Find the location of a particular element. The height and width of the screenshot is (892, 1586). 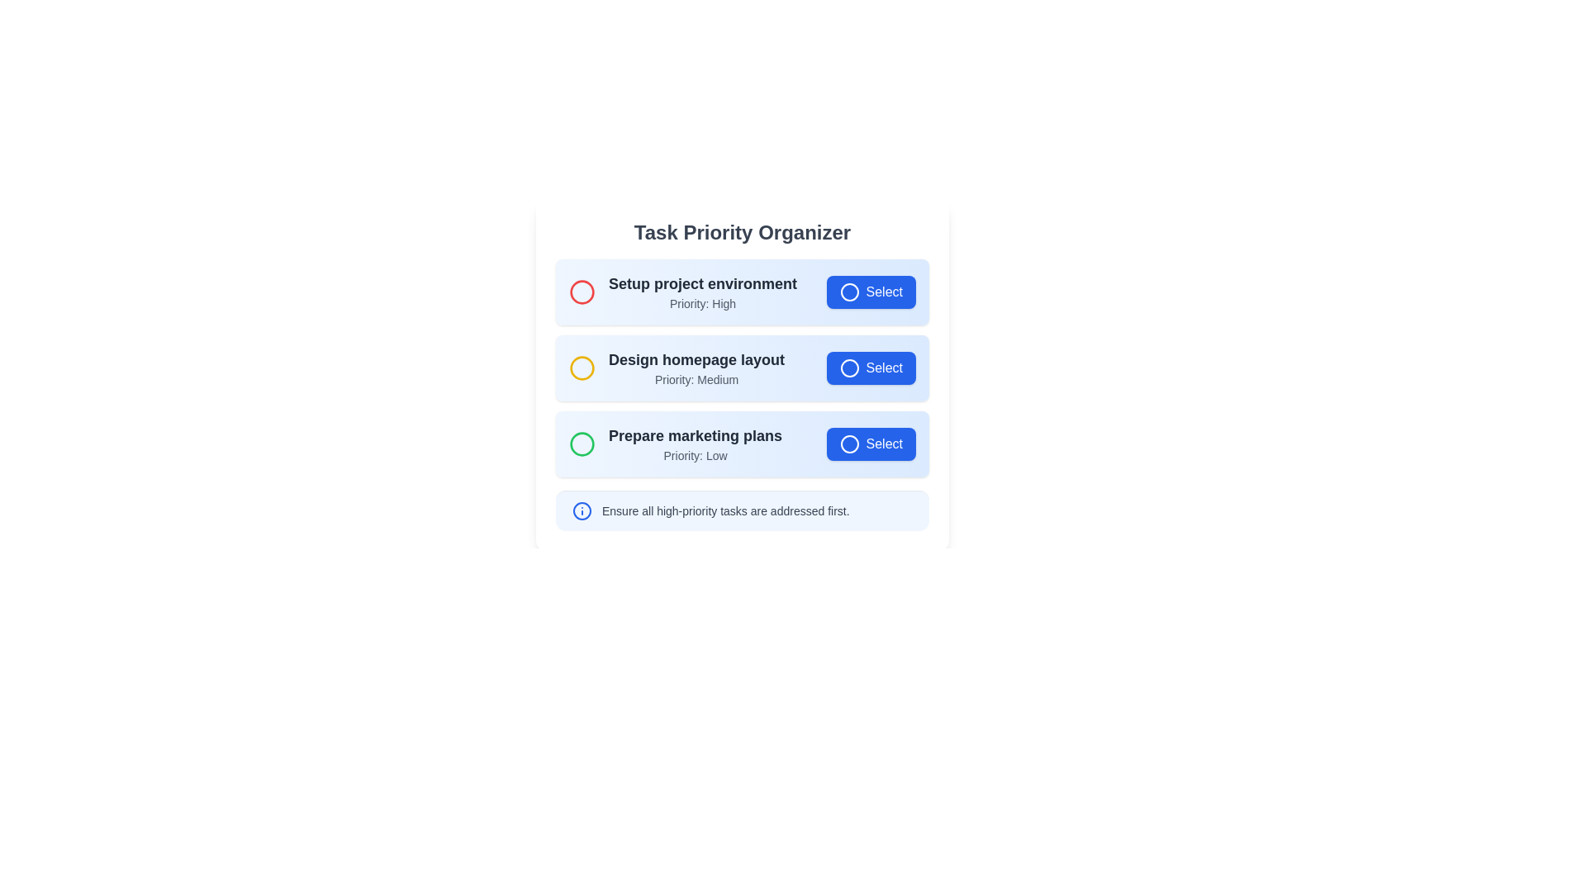

the text label that provides information about the task, specifically its title and priority level, which is centered between a red circular icon and a blue 'Select' button in the top task entry is located at coordinates (702, 292).